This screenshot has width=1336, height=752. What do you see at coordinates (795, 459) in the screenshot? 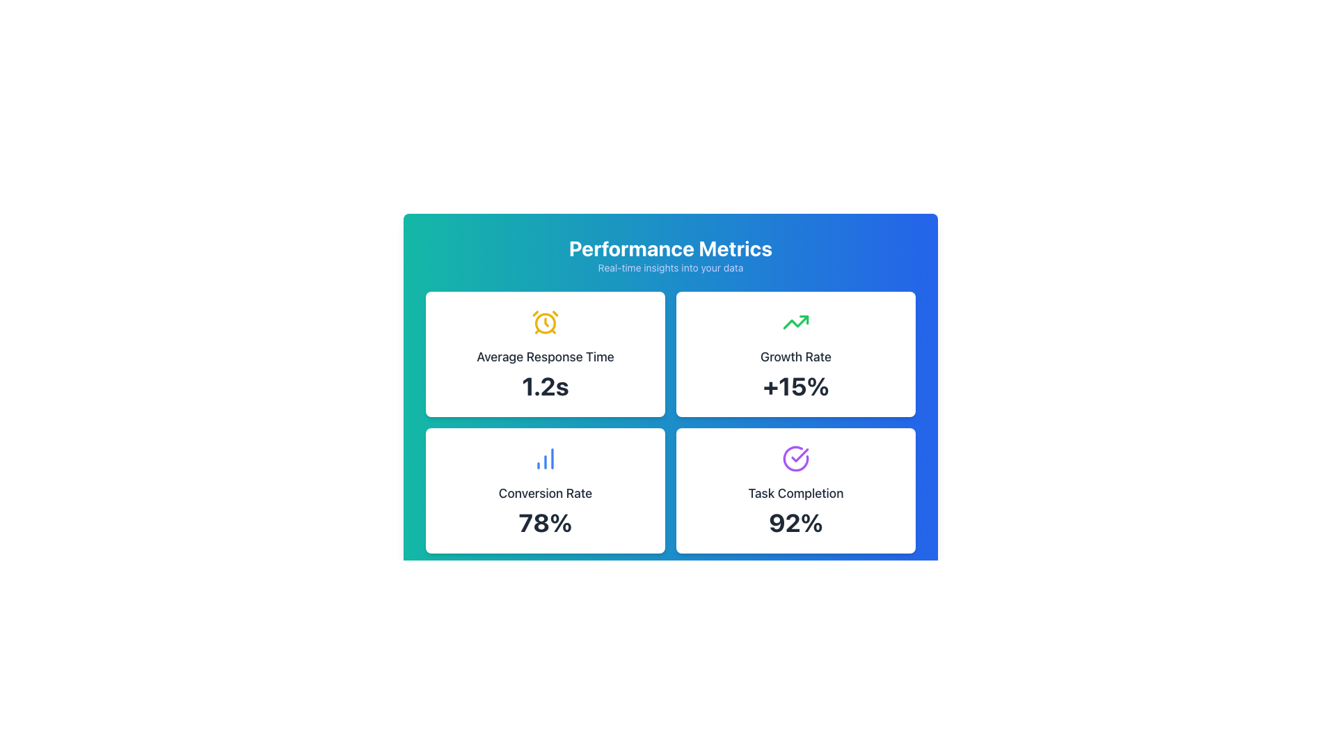
I see `the circular checkmark icon with a purple outline located in the 'Task Completion' section of the 'Performance Metrics' dashboard` at bounding box center [795, 459].